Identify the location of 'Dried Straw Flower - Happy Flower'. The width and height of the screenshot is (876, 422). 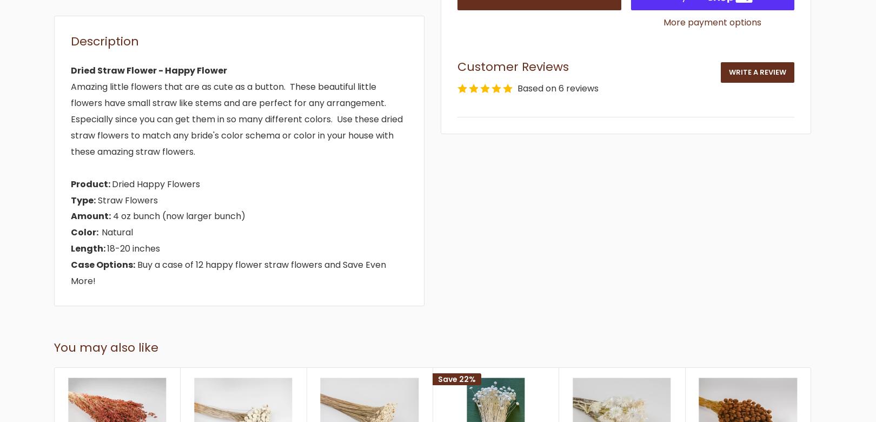
(71, 70).